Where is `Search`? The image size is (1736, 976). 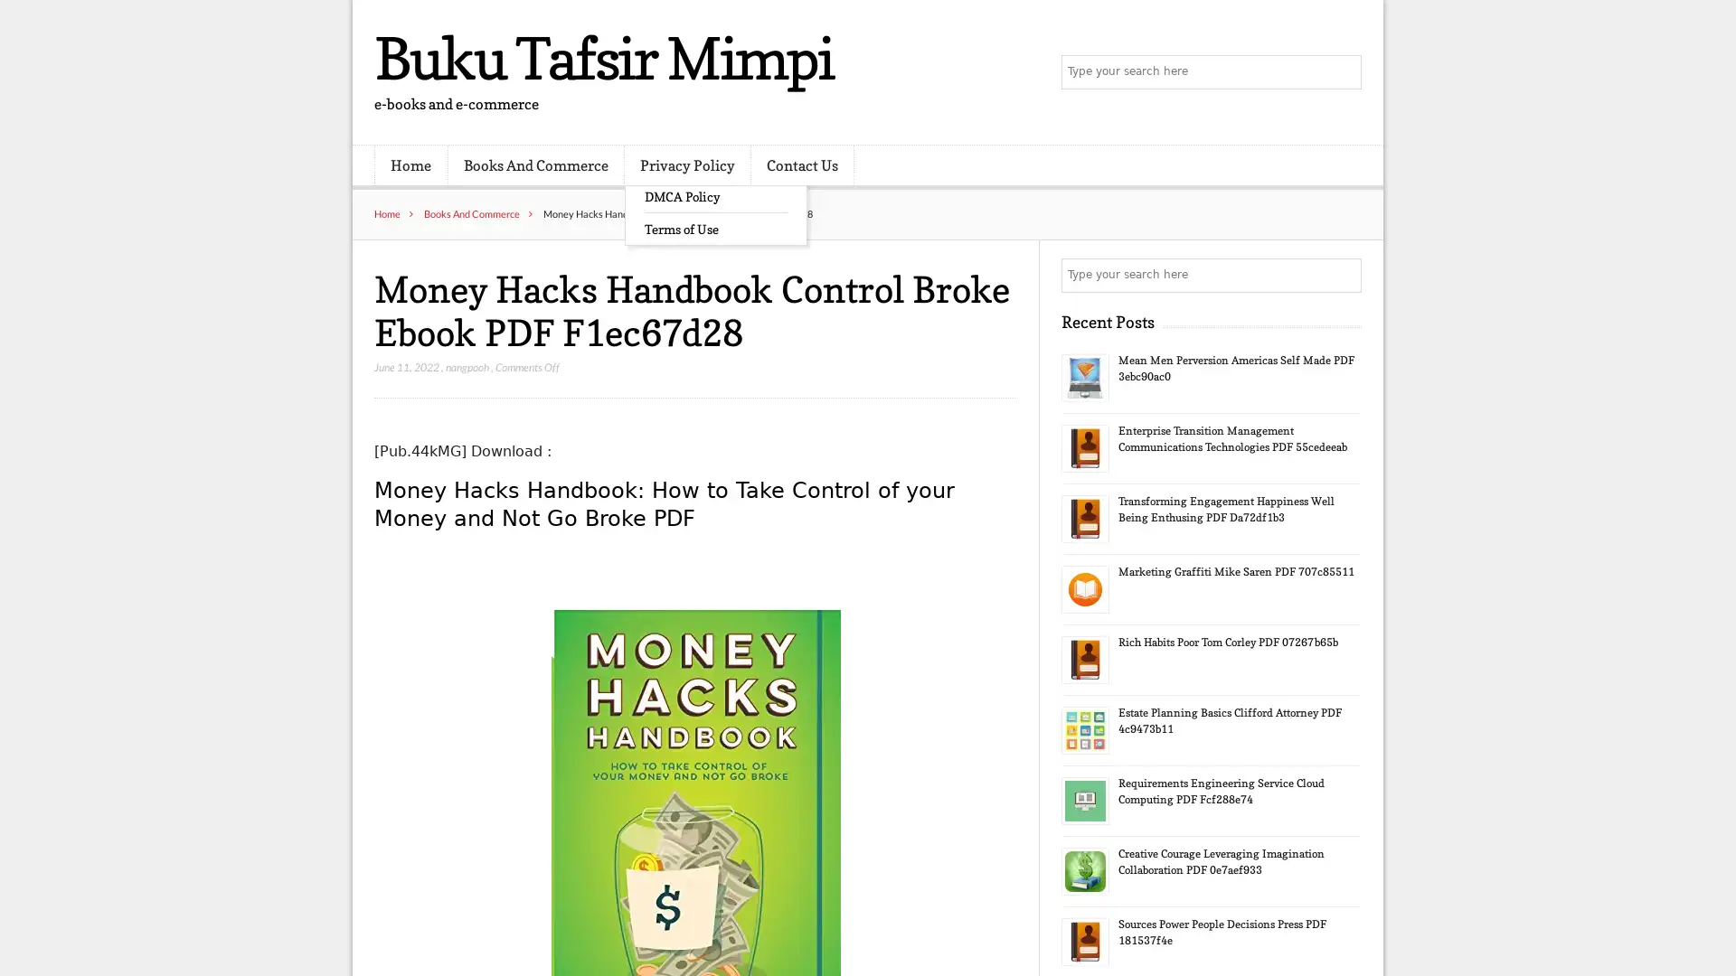 Search is located at coordinates (1343, 72).